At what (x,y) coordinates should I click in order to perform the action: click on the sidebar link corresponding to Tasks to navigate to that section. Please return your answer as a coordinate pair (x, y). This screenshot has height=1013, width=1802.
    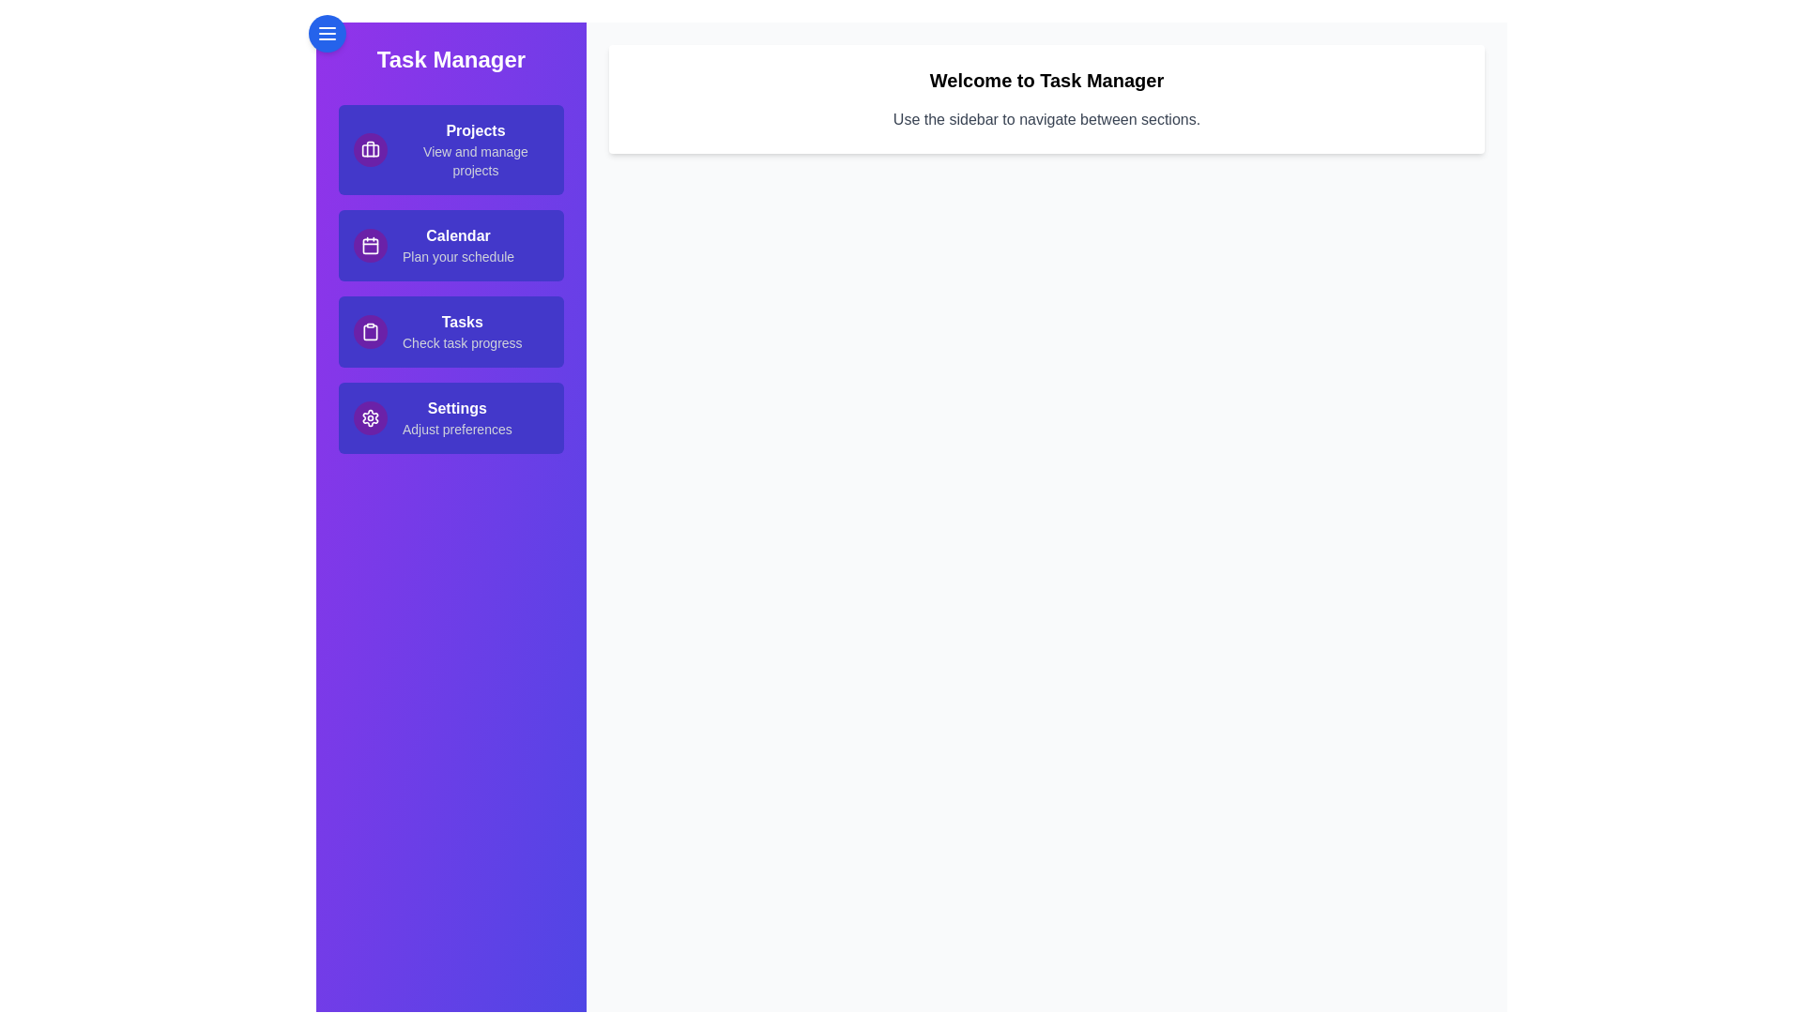
    Looking at the image, I should click on (450, 331).